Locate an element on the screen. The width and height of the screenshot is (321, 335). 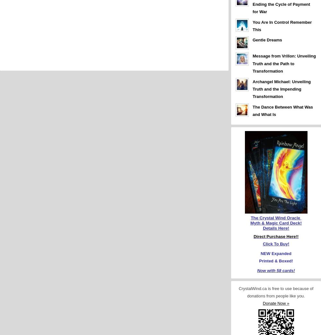
'NEW Expanded' is located at coordinates (260, 253).